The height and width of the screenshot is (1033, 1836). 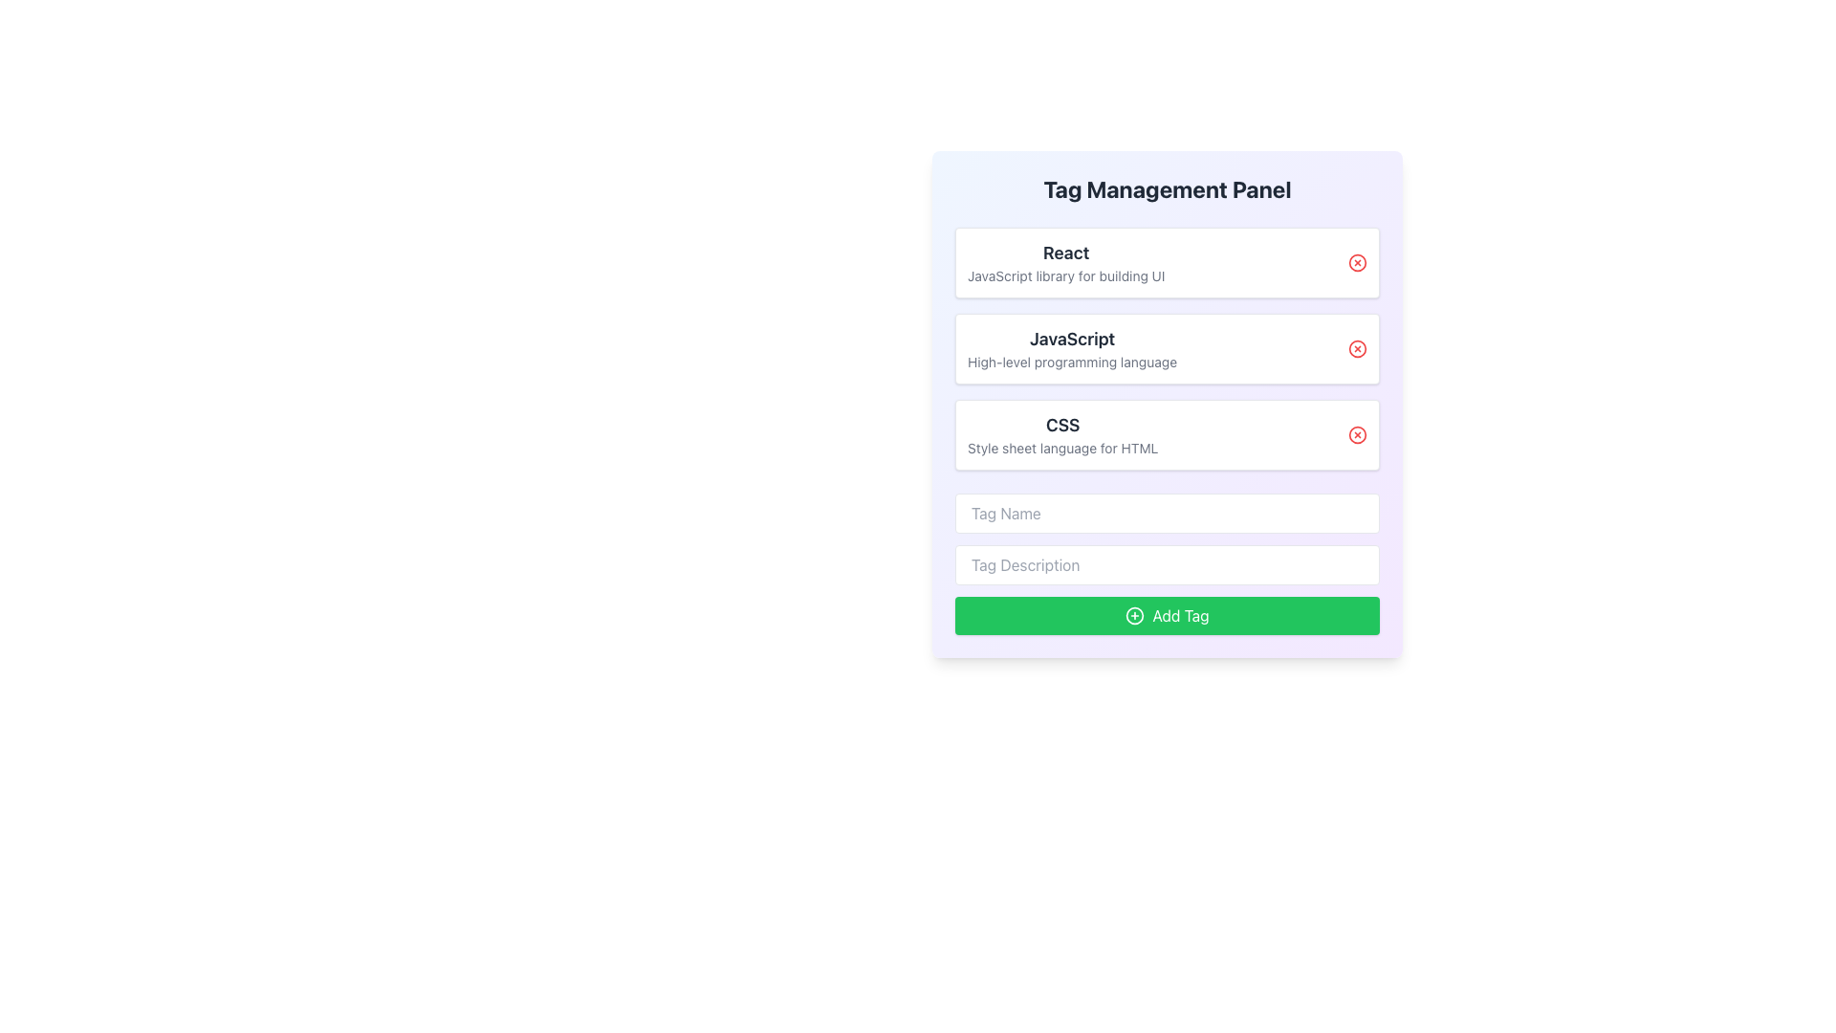 I want to click on the text block containing the bold title 'React' and the description 'JavaScript library for building UI', so click(x=1065, y=262).